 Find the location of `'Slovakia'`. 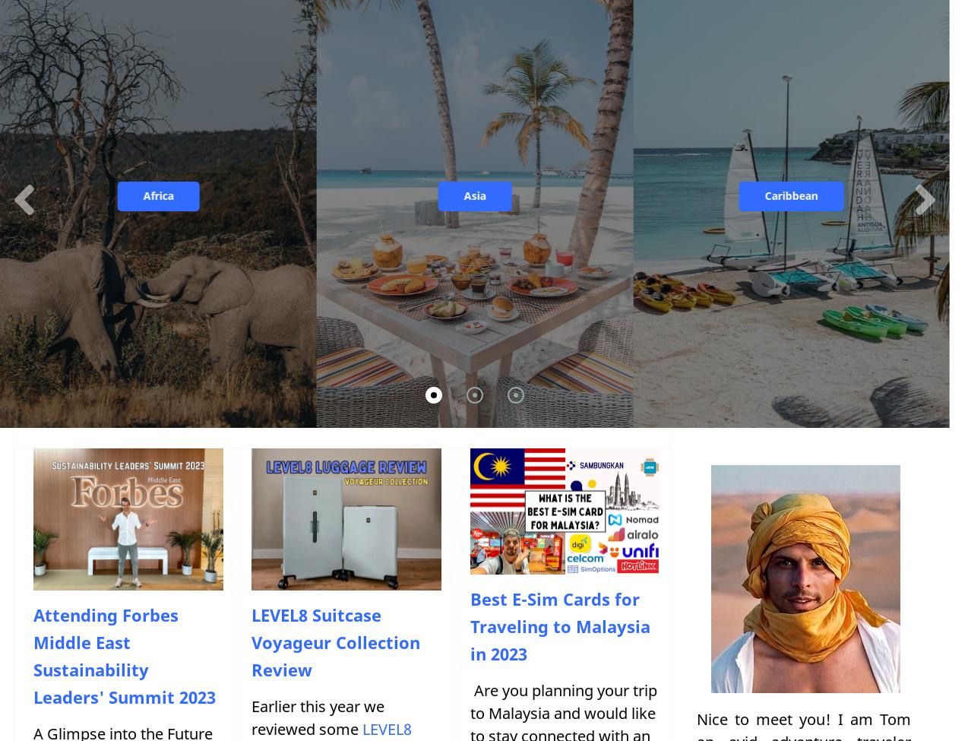

'Slovakia' is located at coordinates (406, 244).